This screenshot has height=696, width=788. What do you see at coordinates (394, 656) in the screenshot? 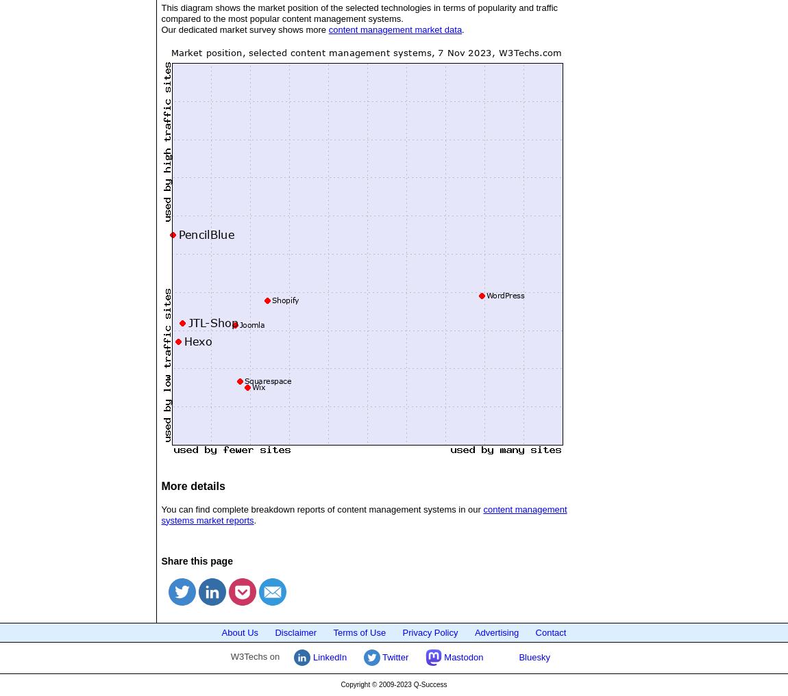
I see `'Twitter'` at bounding box center [394, 656].